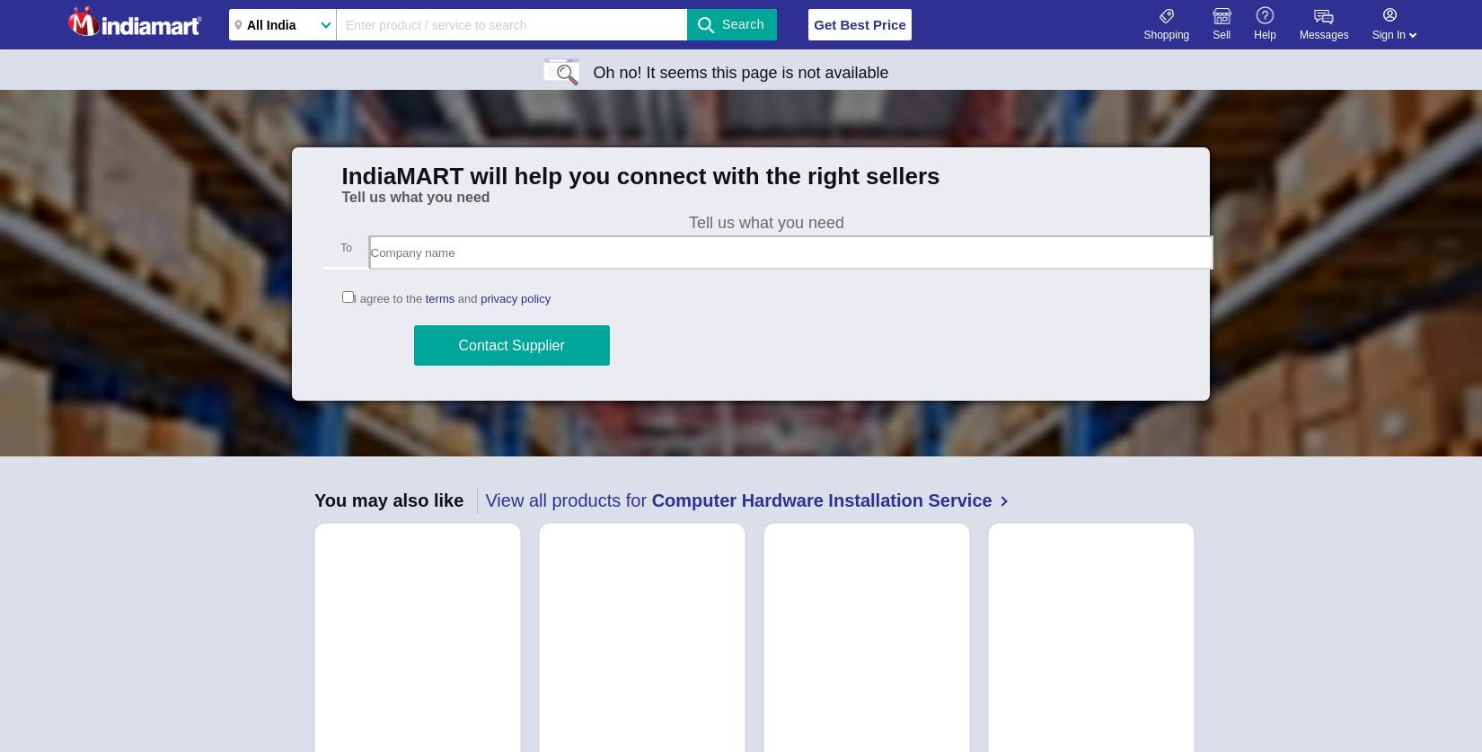 The width and height of the screenshot is (1482, 752). Describe the element at coordinates (313, 500) in the screenshot. I see `'You may also like'` at that location.